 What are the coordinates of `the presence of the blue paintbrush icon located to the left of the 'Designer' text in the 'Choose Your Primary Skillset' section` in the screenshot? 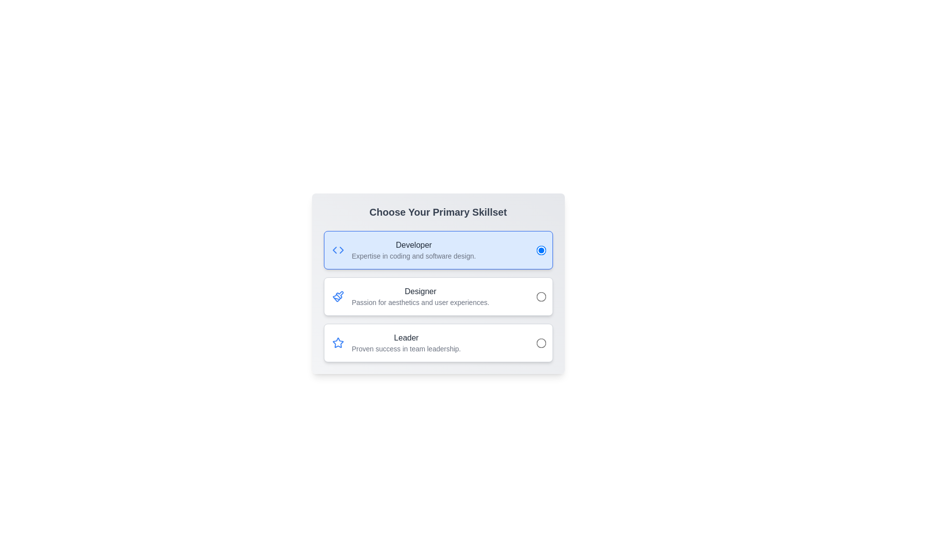 It's located at (338, 296).